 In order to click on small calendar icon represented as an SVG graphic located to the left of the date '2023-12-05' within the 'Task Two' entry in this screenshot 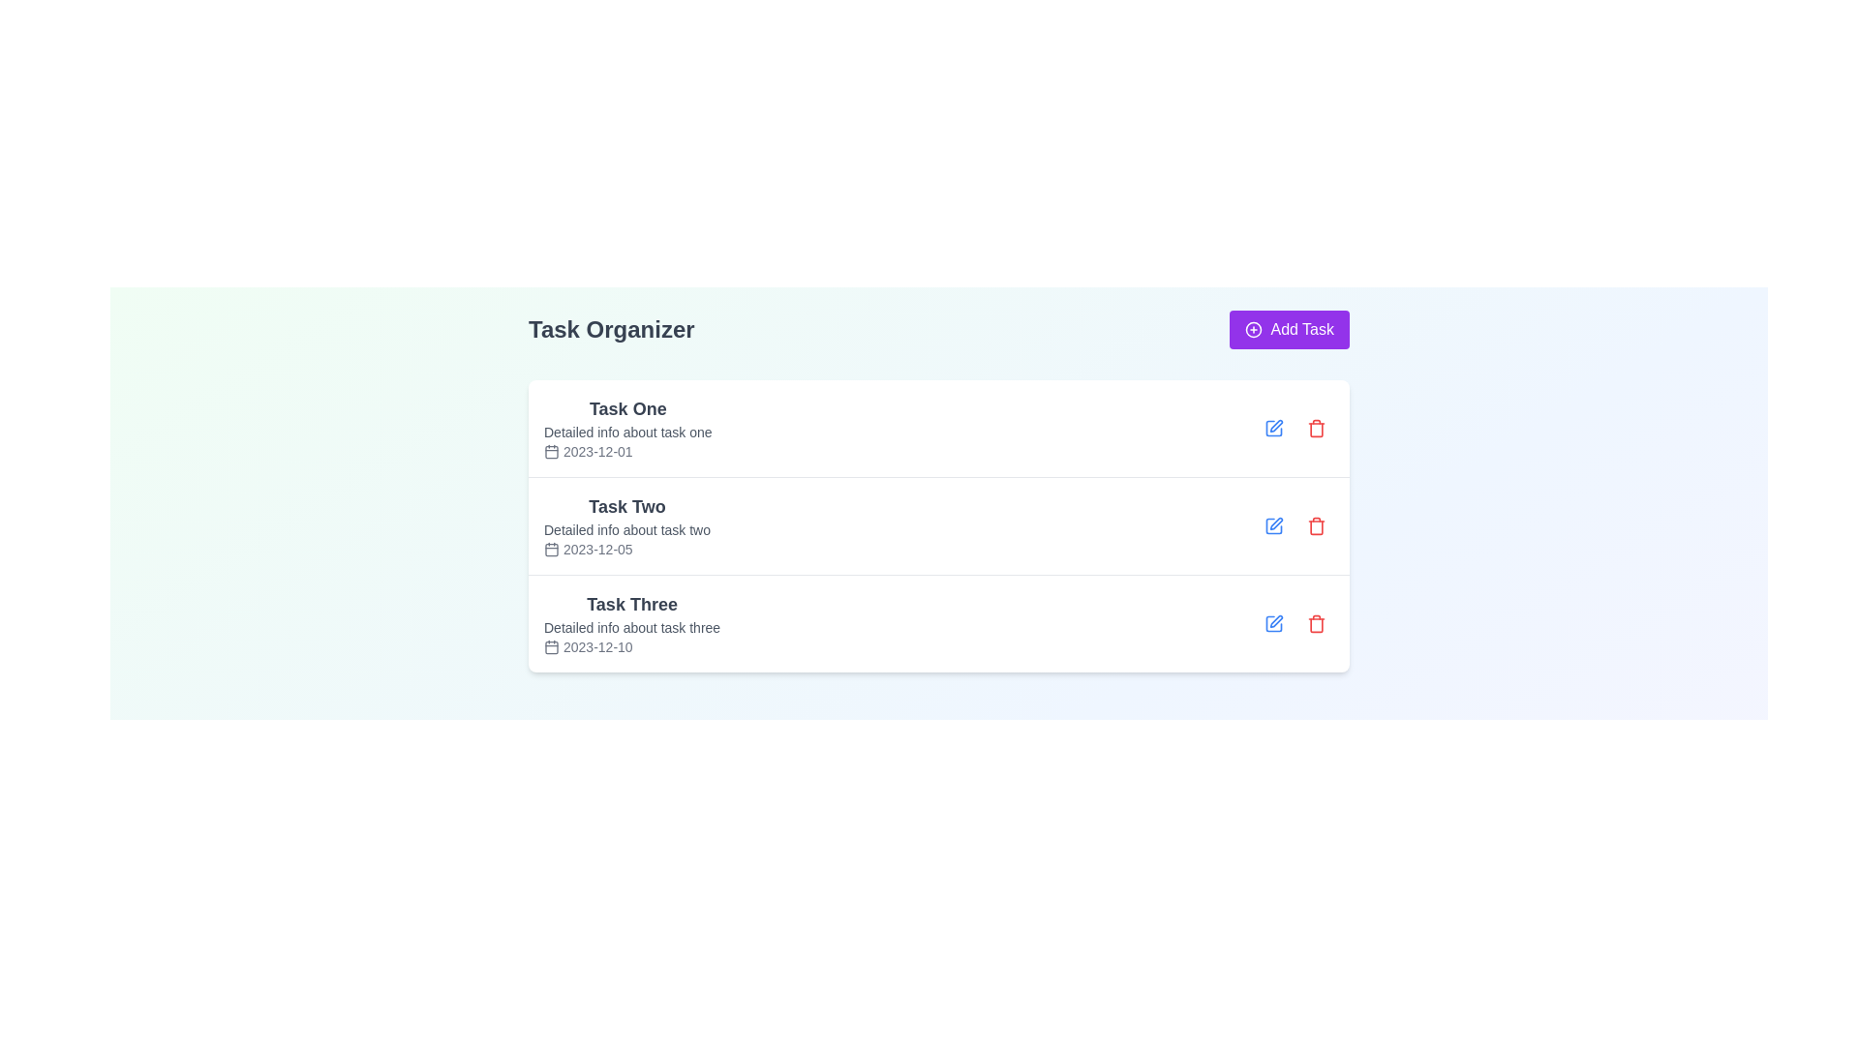, I will do `click(551, 549)`.